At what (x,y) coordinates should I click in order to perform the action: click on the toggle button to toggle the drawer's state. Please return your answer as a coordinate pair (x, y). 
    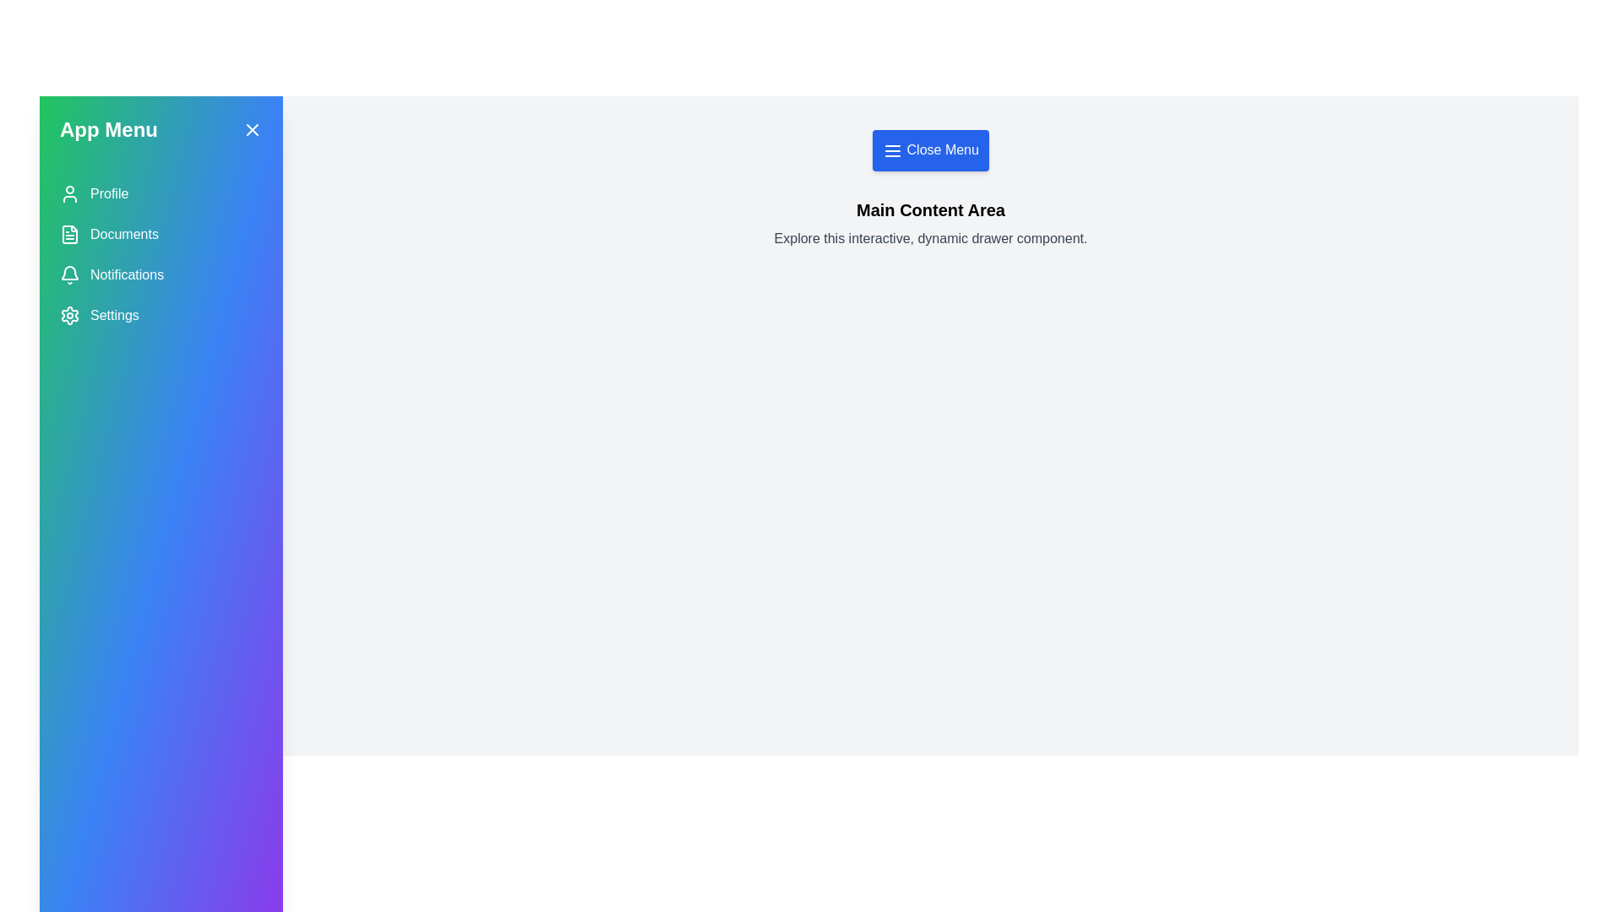
    Looking at the image, I should click on (928, 149).